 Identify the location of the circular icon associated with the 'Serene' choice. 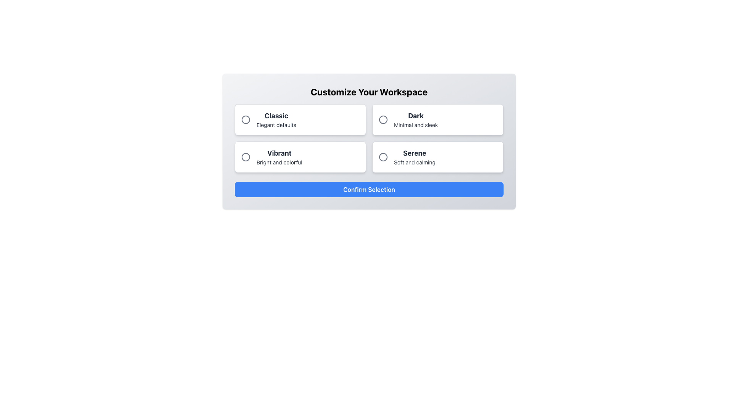
(383, 157).